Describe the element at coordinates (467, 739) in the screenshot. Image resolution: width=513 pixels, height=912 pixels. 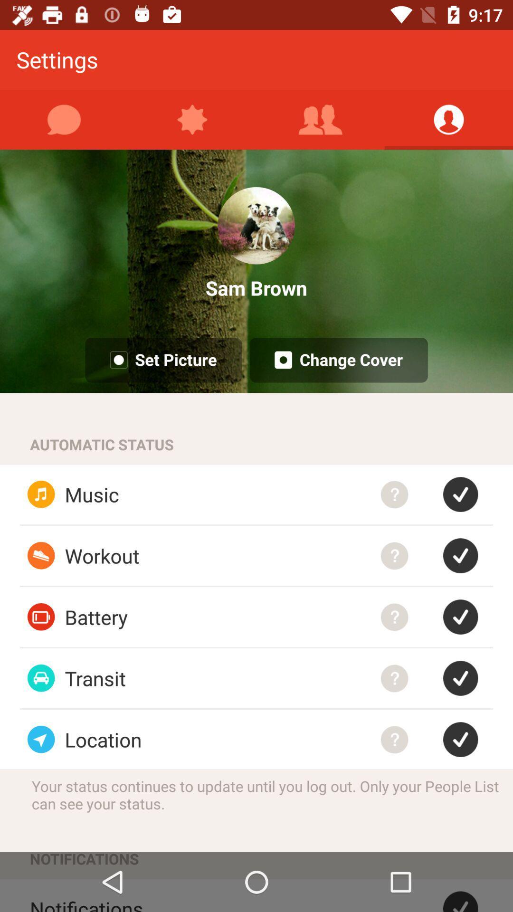
I see `the second icon which is right to location` at that location.